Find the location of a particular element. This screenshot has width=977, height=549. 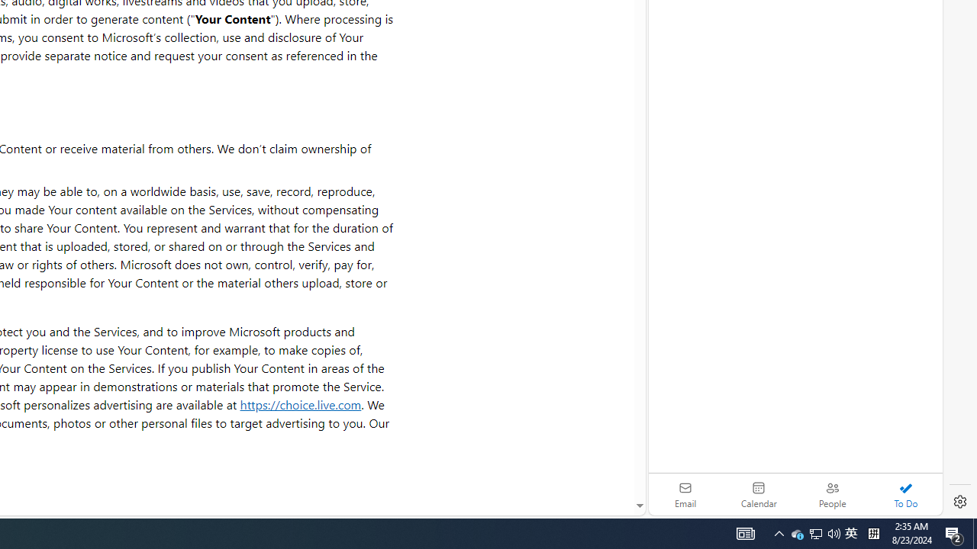

'To Do' is located at coordinates (905, 494).